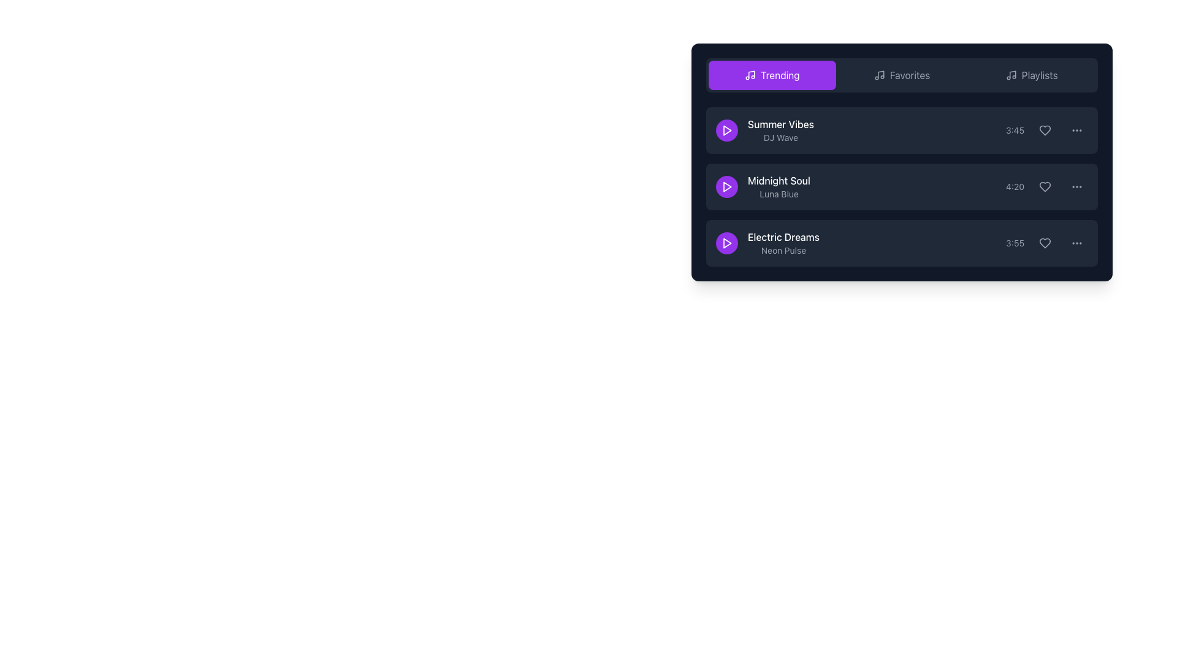  What do you see at coordinates (779, 186) in the screenshot?
I see `text displayed in the text block located in the second row of the playlist, which describes a music track by showing its title and artist name, positioned to the right of a purple play button and above the track duration` at bounding box center [779, 186].